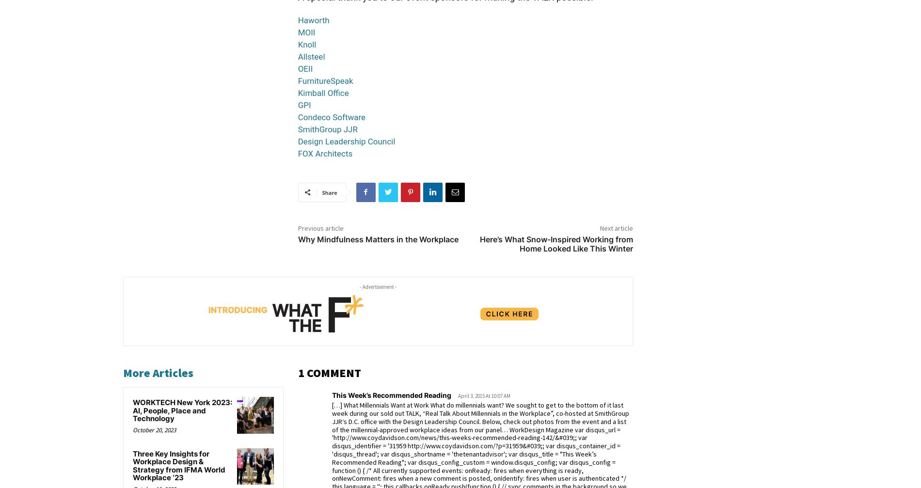 This screenshot has width=921, height=488. What do you see at coordinates (329, 372) in the screenshot?
I see `'1 COMMENT'` at bounding box center [329, 372].